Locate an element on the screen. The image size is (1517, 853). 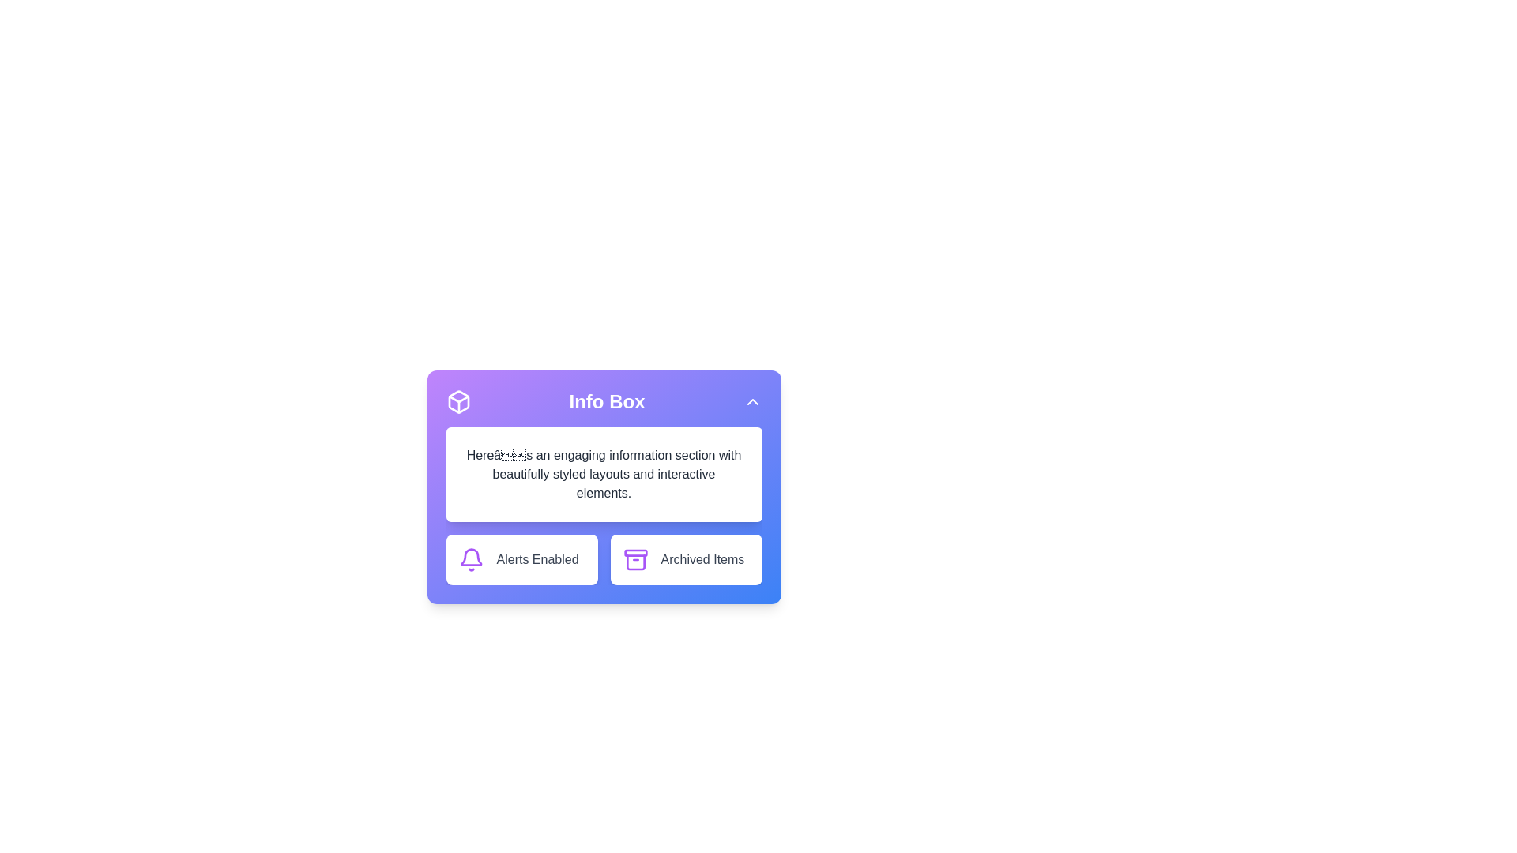
the decorative cube icon located in the top-left corner of the purple 'Info Box' panel is located at coordinates (457, 401).